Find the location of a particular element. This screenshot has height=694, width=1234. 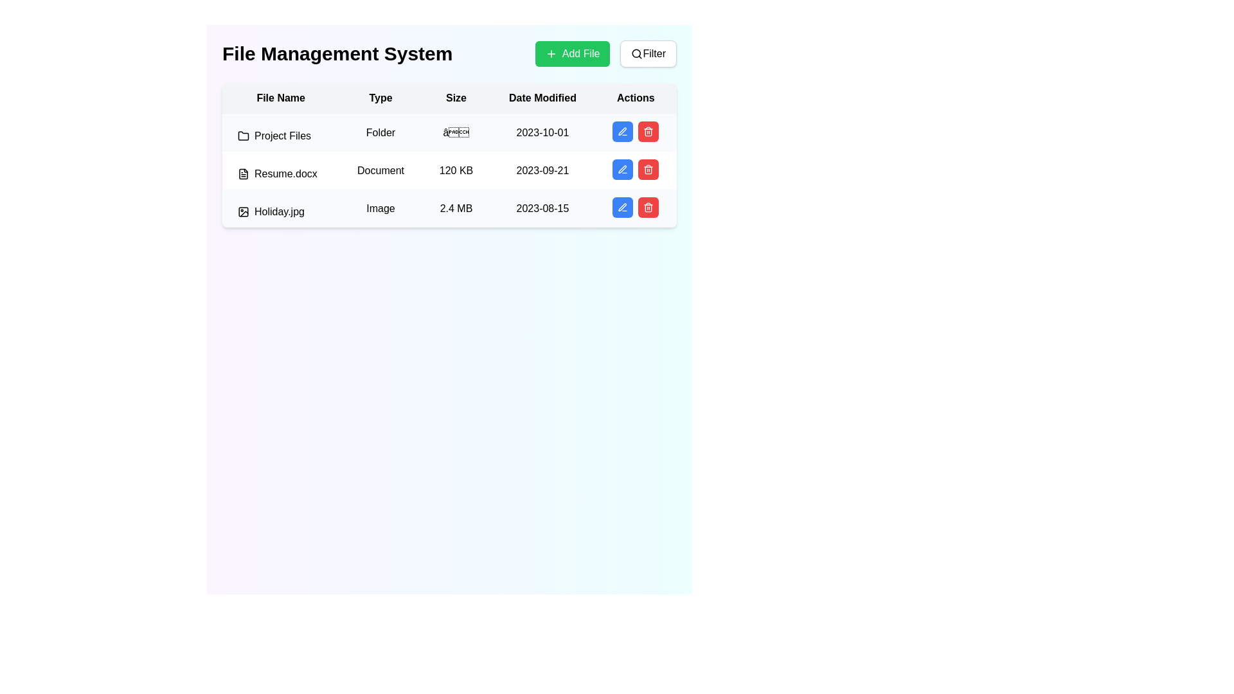

the 'Date Modified' table header label, which is the fourth column header located between the 'Size' and 'Actions' headers in the table is located at coordinates (542, 98).